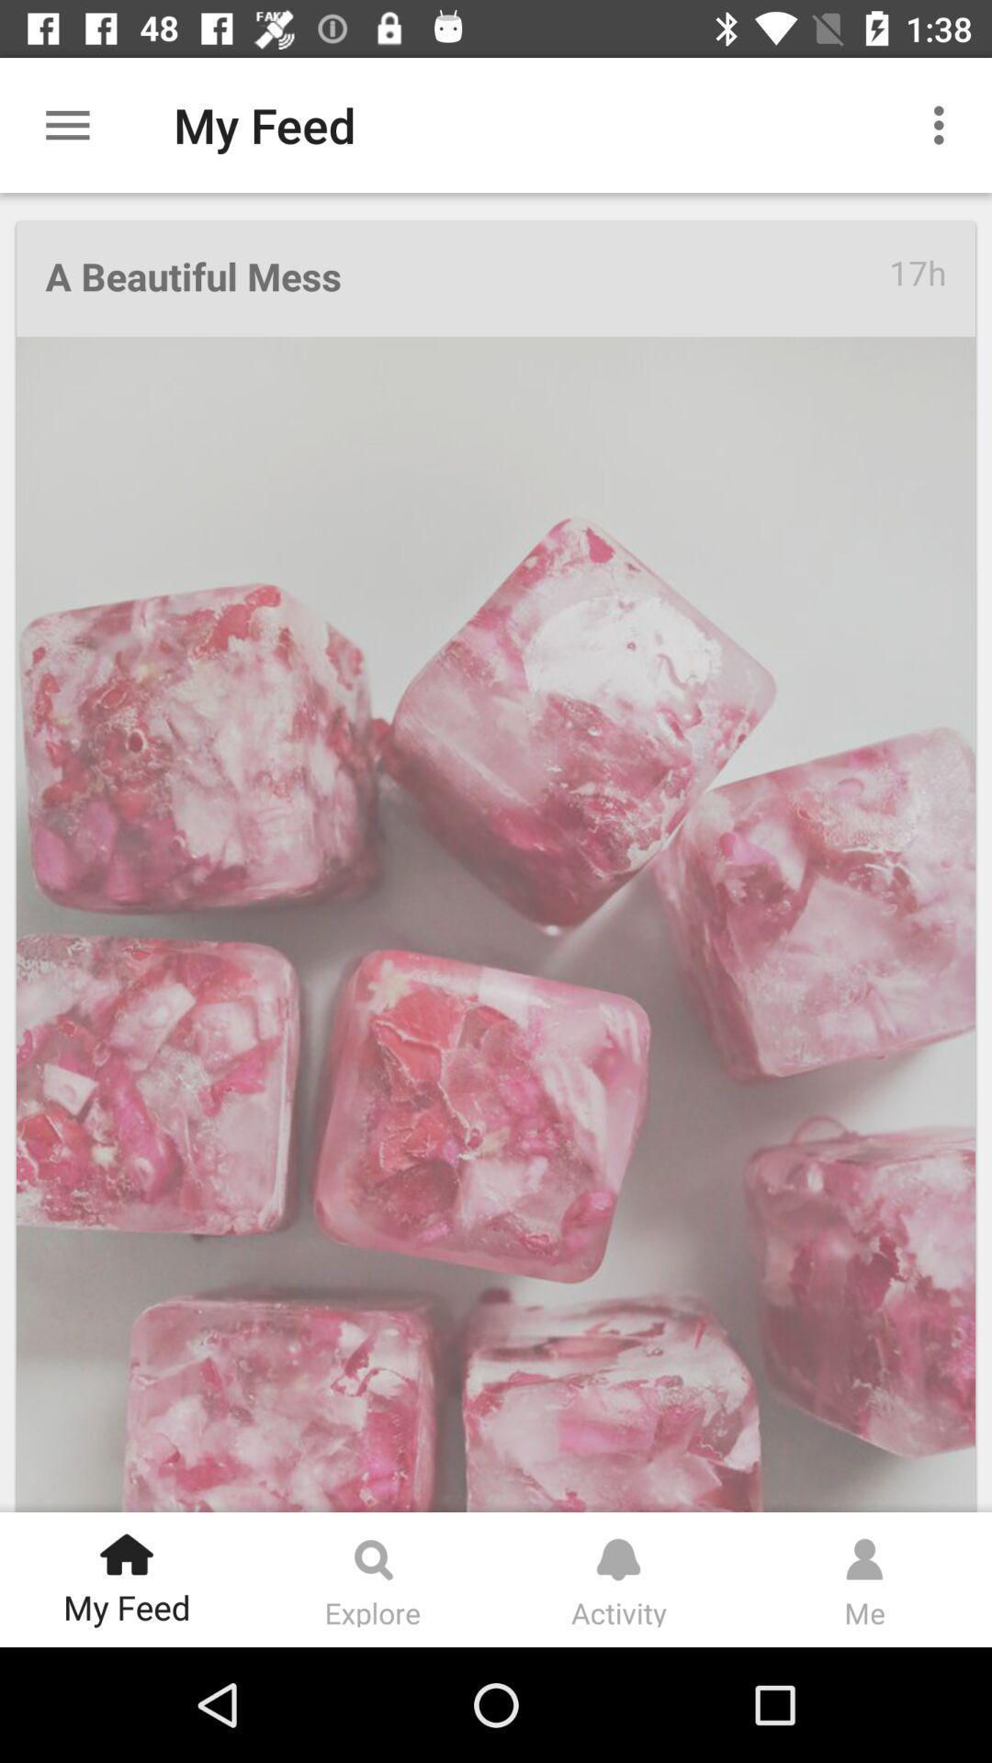 The height and width of the screenshot is (1763, 992). What do you see at coordinates (466, 277) in the screenshot?
I see `a beautiful mess icon` at bounding box center [466, 277].